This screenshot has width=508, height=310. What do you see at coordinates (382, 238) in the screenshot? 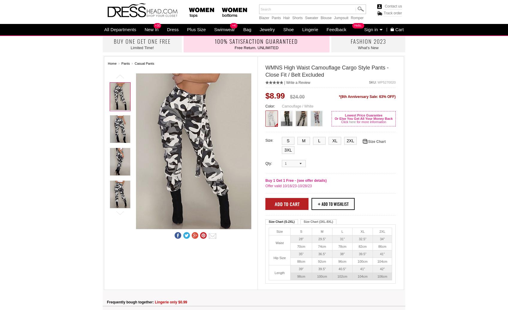
I see `'34"'` at bounding box center [382, 238].